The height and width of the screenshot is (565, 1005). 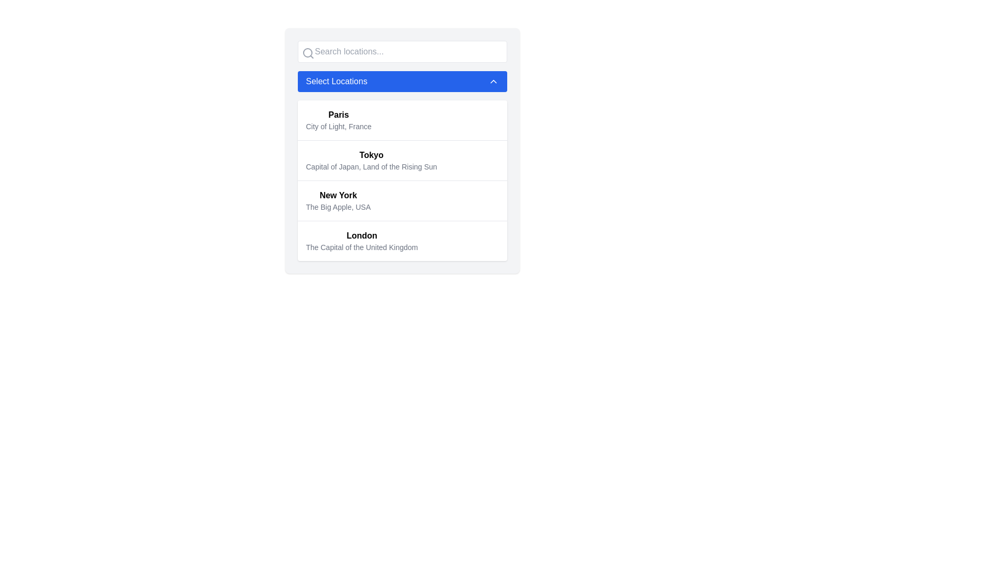 What do you see at coordinates (401, 241) in the screenshot?
I see `the list item representing 'London'` at bounding box center [401, 241].